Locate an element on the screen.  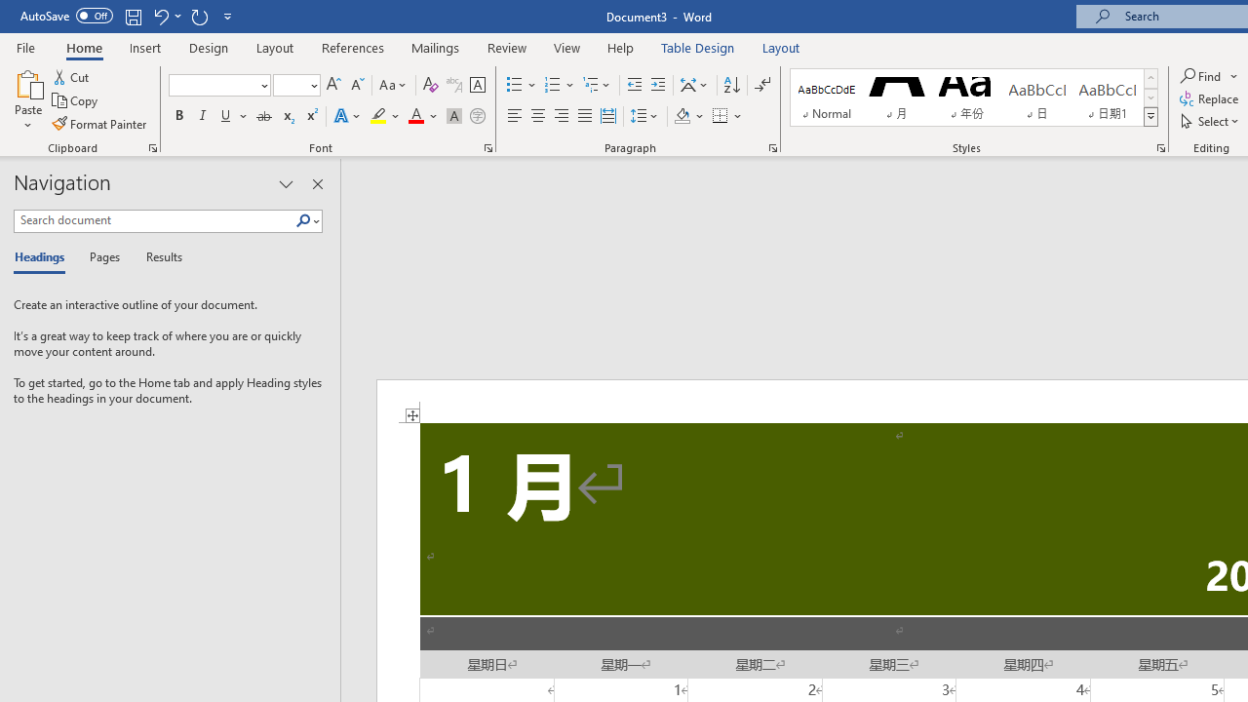
'Save' is located at coordinates (132, 16).